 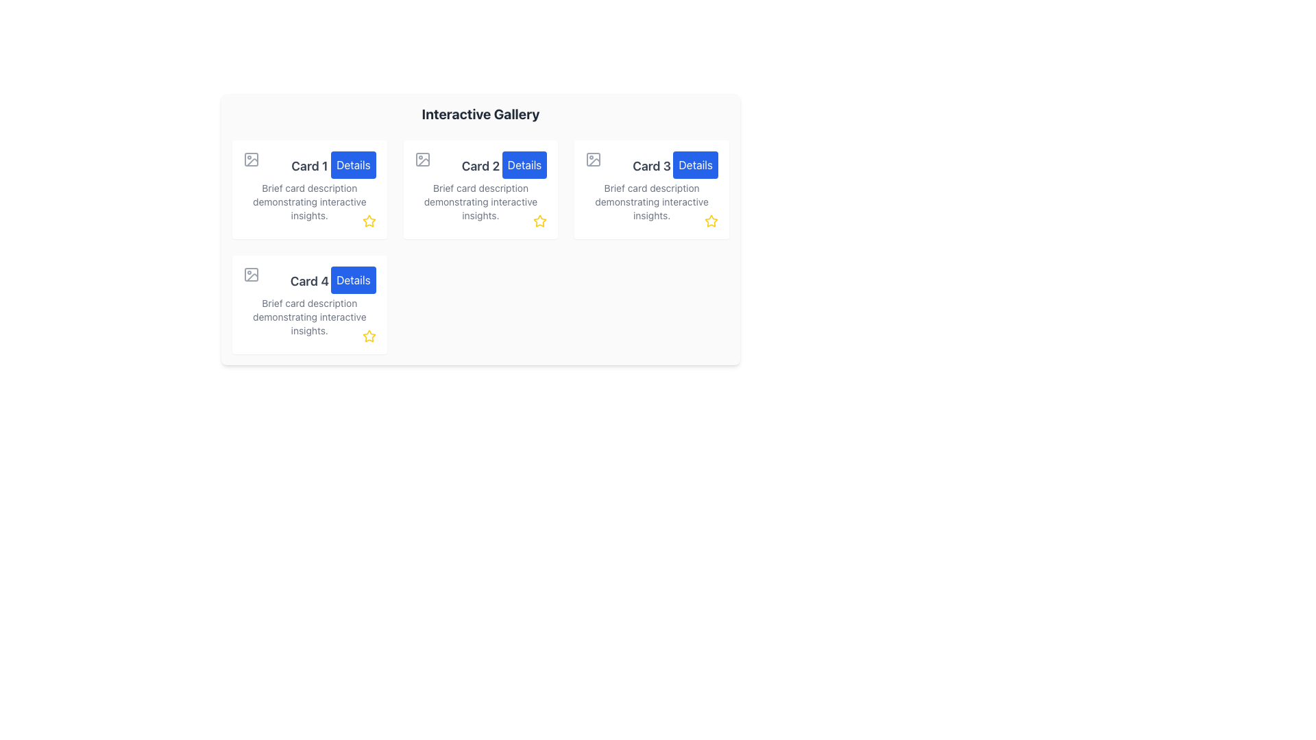 I want to click on the 'Details' button, so click(x=353, y=164).